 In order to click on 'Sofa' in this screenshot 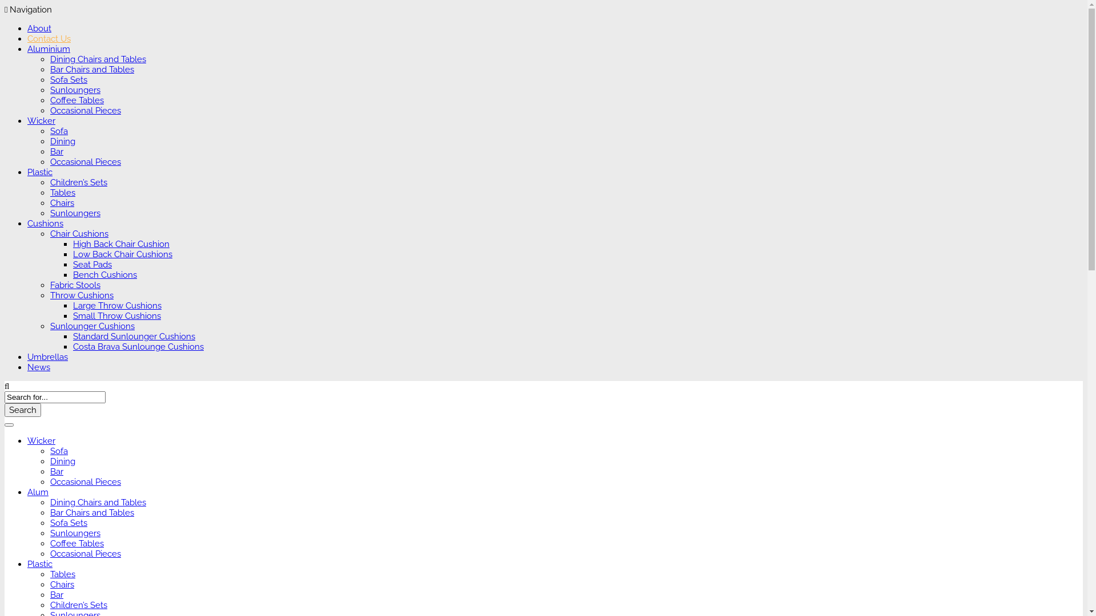, I will do `click(58, 450)`.